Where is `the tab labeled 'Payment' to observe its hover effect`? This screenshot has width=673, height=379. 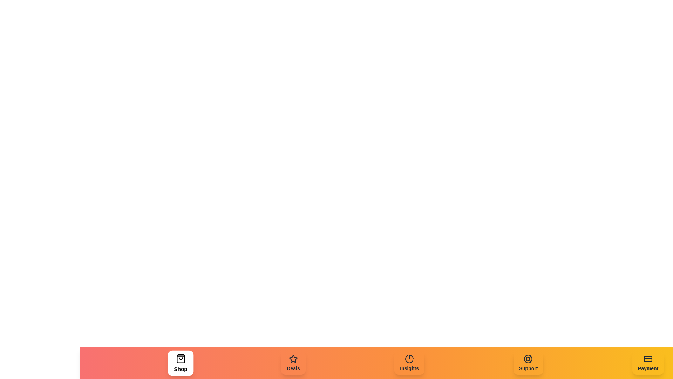
the tab labeled 'Payment' to observe its hover effect is located at coordinates (648, 363).